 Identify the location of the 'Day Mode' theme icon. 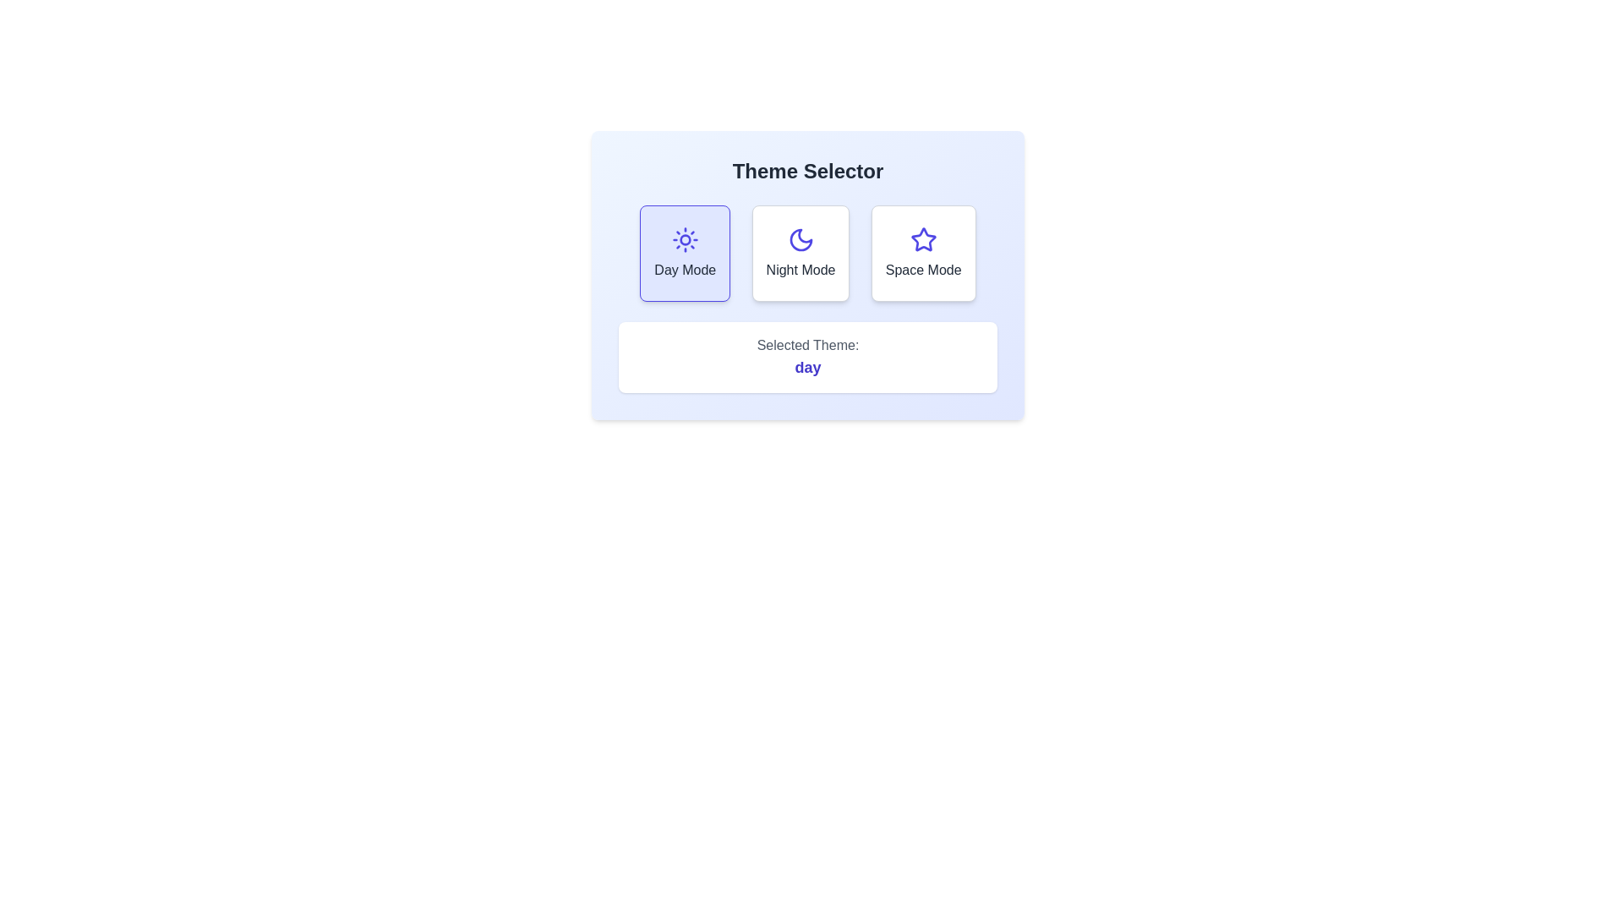
(685, 240).